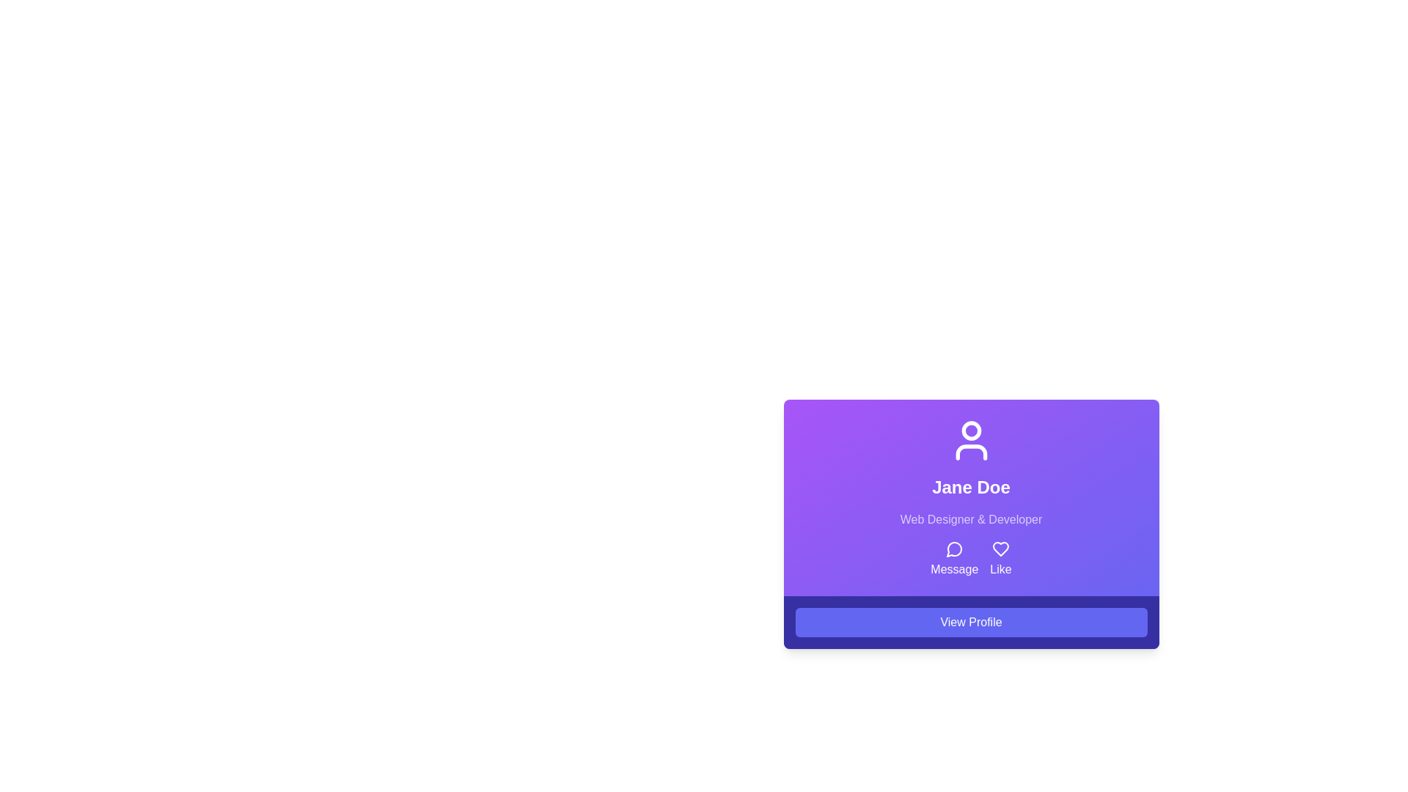 This screenshot has height=792, width=1408. What do you see at coordinates (971, 440) in the screenshot?
I see `the user silhouette icon located at the top center of the profile card layout, which is styled with a white fill against a purple background` at bounding box center [971, 440].